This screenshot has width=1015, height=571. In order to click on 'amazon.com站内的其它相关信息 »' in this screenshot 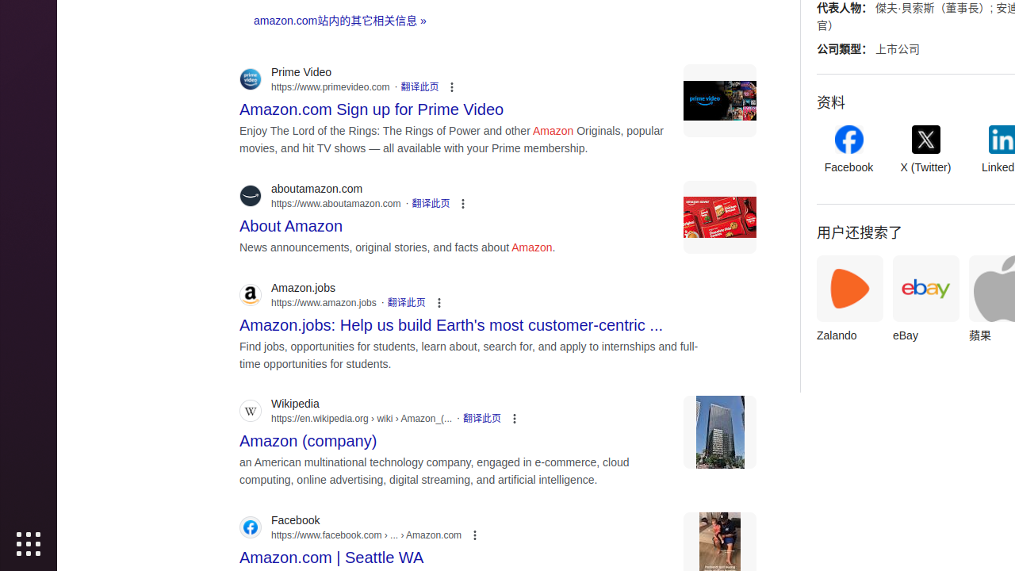, I will do `click(339, 20)`.